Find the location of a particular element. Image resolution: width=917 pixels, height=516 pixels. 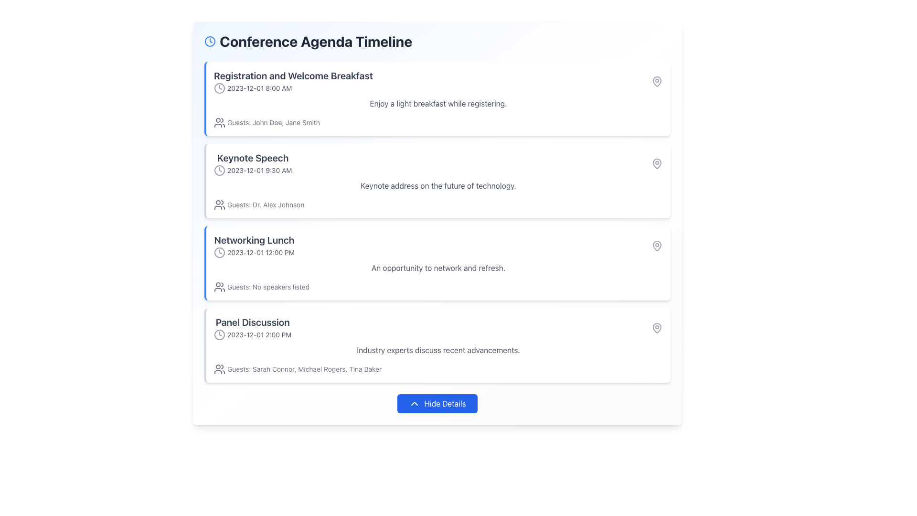

the circular outline of the clock face in the 'Keynote Speech' section of the agenda, which is styled with thin lines and positioned next to the timestamp text is located at coordinates (219, 170).